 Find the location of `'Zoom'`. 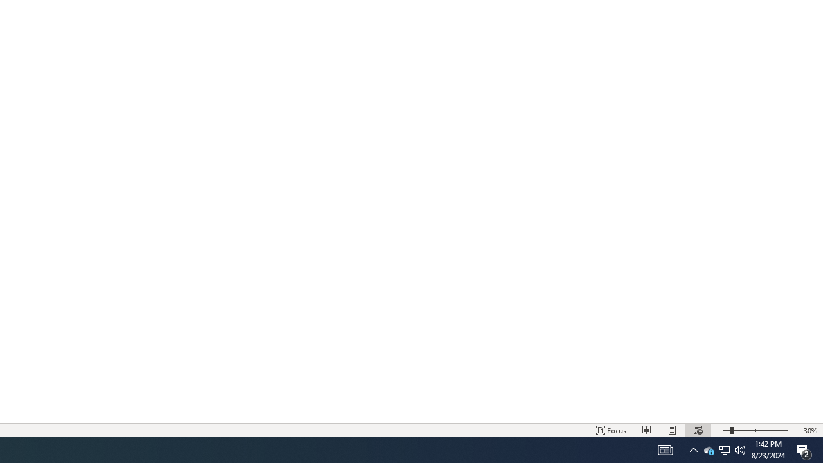

'Zoom' is located at coordinates (755, 430).